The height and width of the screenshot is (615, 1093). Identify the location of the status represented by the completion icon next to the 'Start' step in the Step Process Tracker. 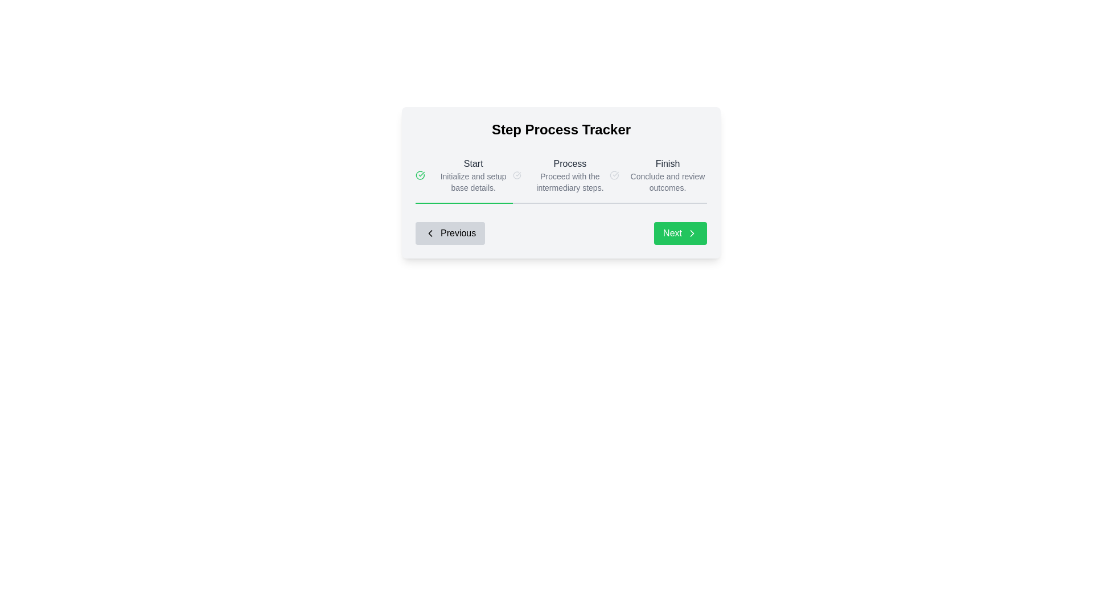
(420, 175).